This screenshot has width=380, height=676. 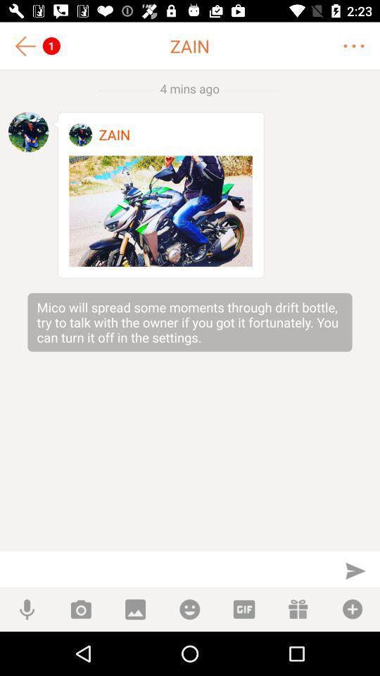 I want to click on a gif, so click(x=243, y=608).